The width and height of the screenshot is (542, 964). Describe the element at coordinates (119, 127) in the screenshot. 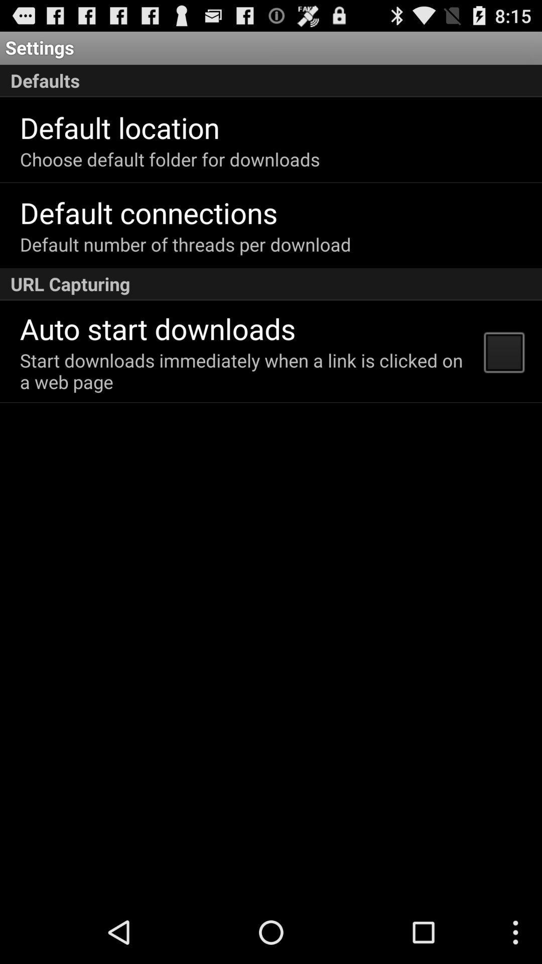

I see `the default location` at that location.